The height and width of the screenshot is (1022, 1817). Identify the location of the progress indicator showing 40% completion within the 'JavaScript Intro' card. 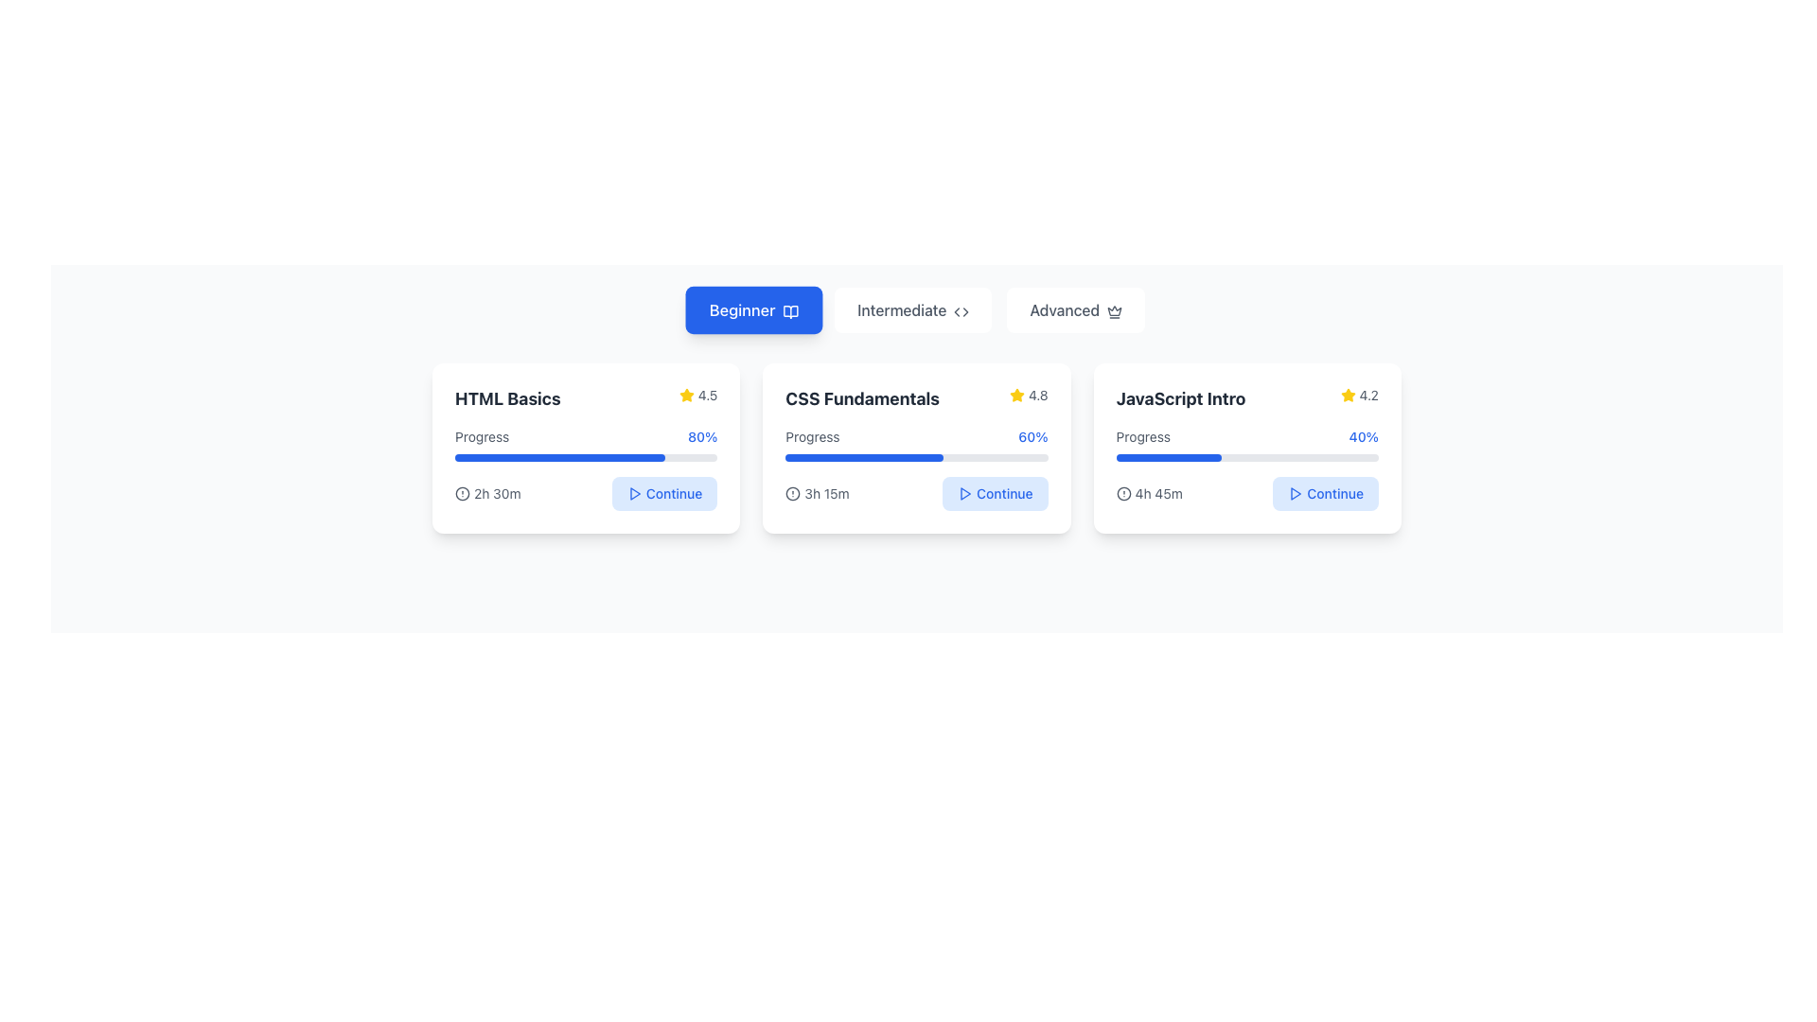
(1247, 445).